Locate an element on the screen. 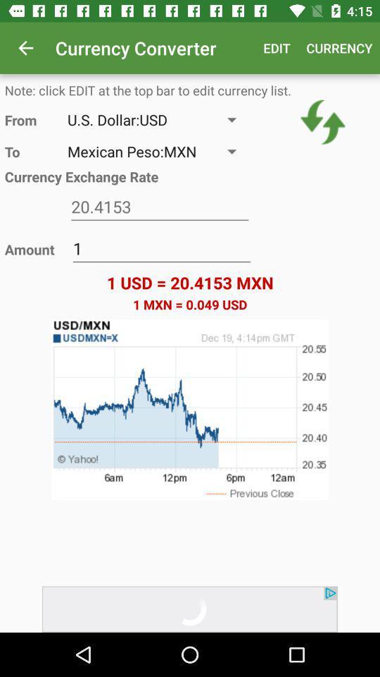  app to the left of currency converter is located at coordinates (25, 48).